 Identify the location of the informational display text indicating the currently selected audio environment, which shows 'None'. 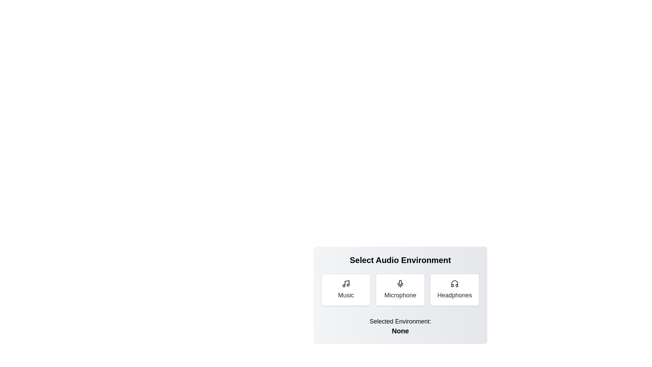
(400, 326).